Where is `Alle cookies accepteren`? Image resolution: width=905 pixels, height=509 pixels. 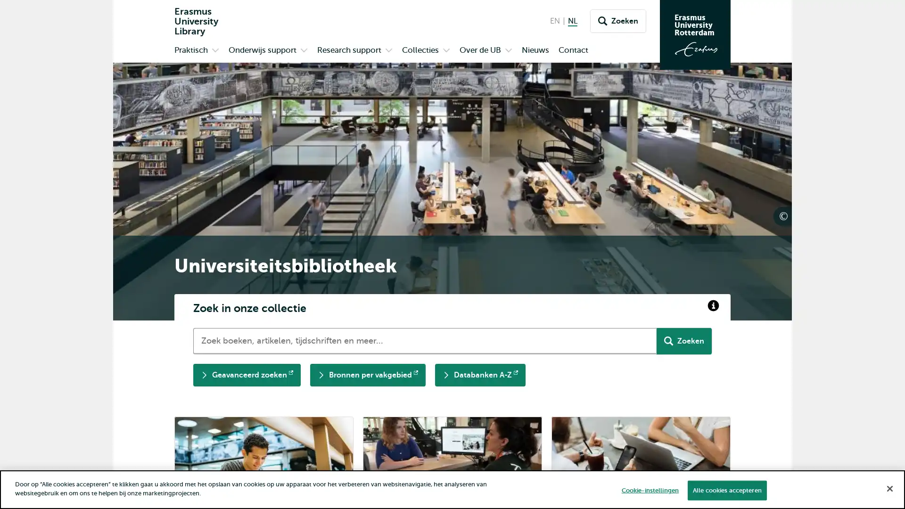 Alle cookies accepteren is located at coordinates (726, 490).